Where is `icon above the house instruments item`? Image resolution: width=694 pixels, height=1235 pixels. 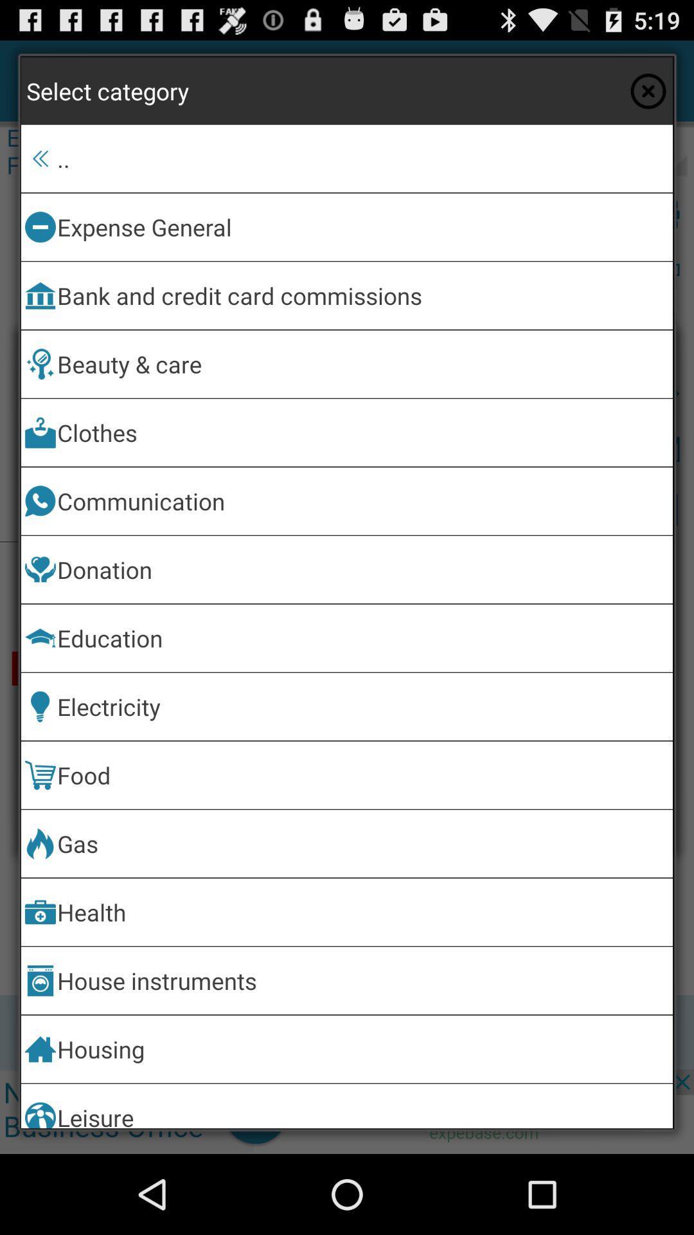
icon above the house instruments item is located at coordinates (362, 911).